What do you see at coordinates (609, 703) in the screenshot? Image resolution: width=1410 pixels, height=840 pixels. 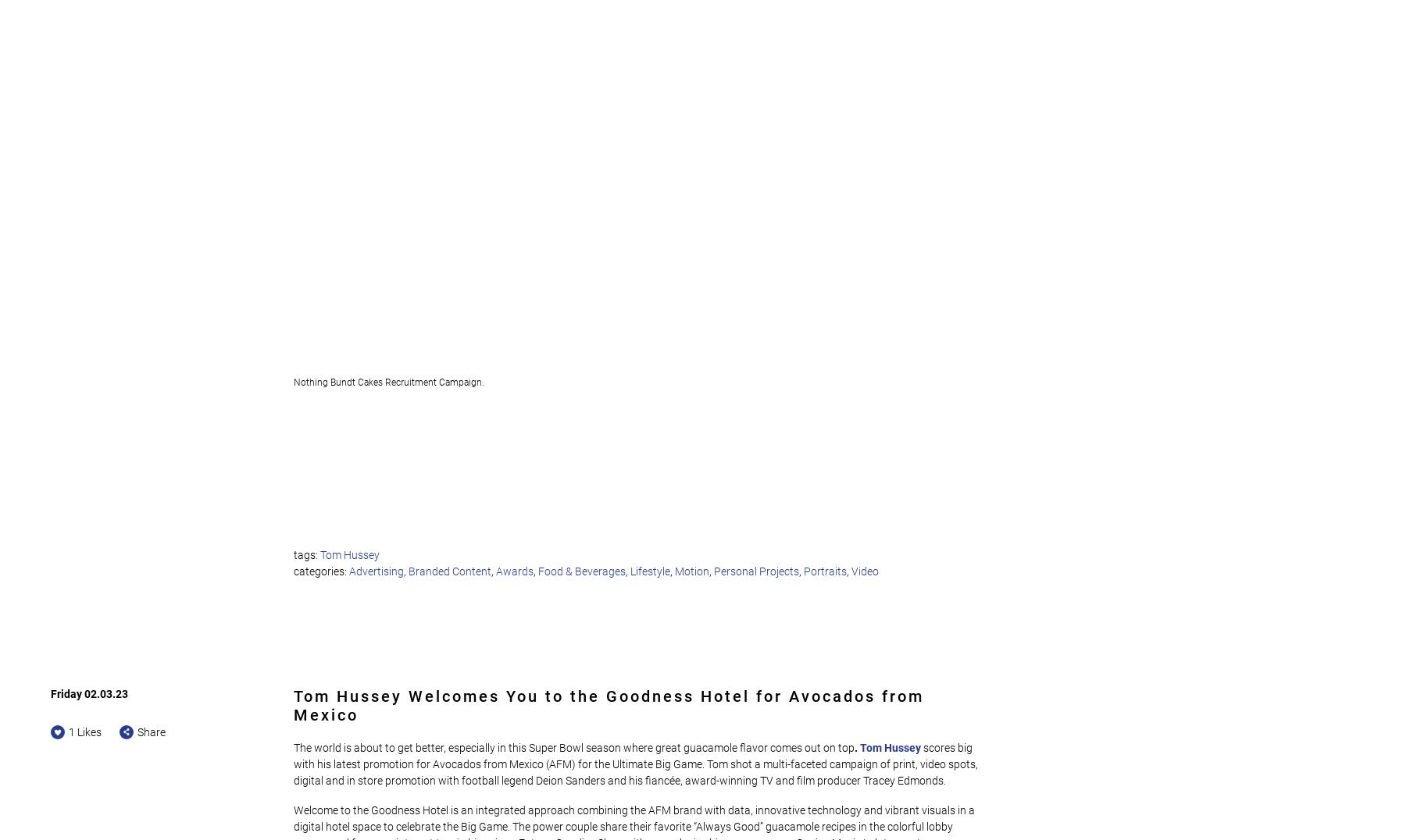 I see `'Tom Hussey Welcomes You to the Goodness Hotel for Avocados from Mexico'` at bounding box center [609, 703].